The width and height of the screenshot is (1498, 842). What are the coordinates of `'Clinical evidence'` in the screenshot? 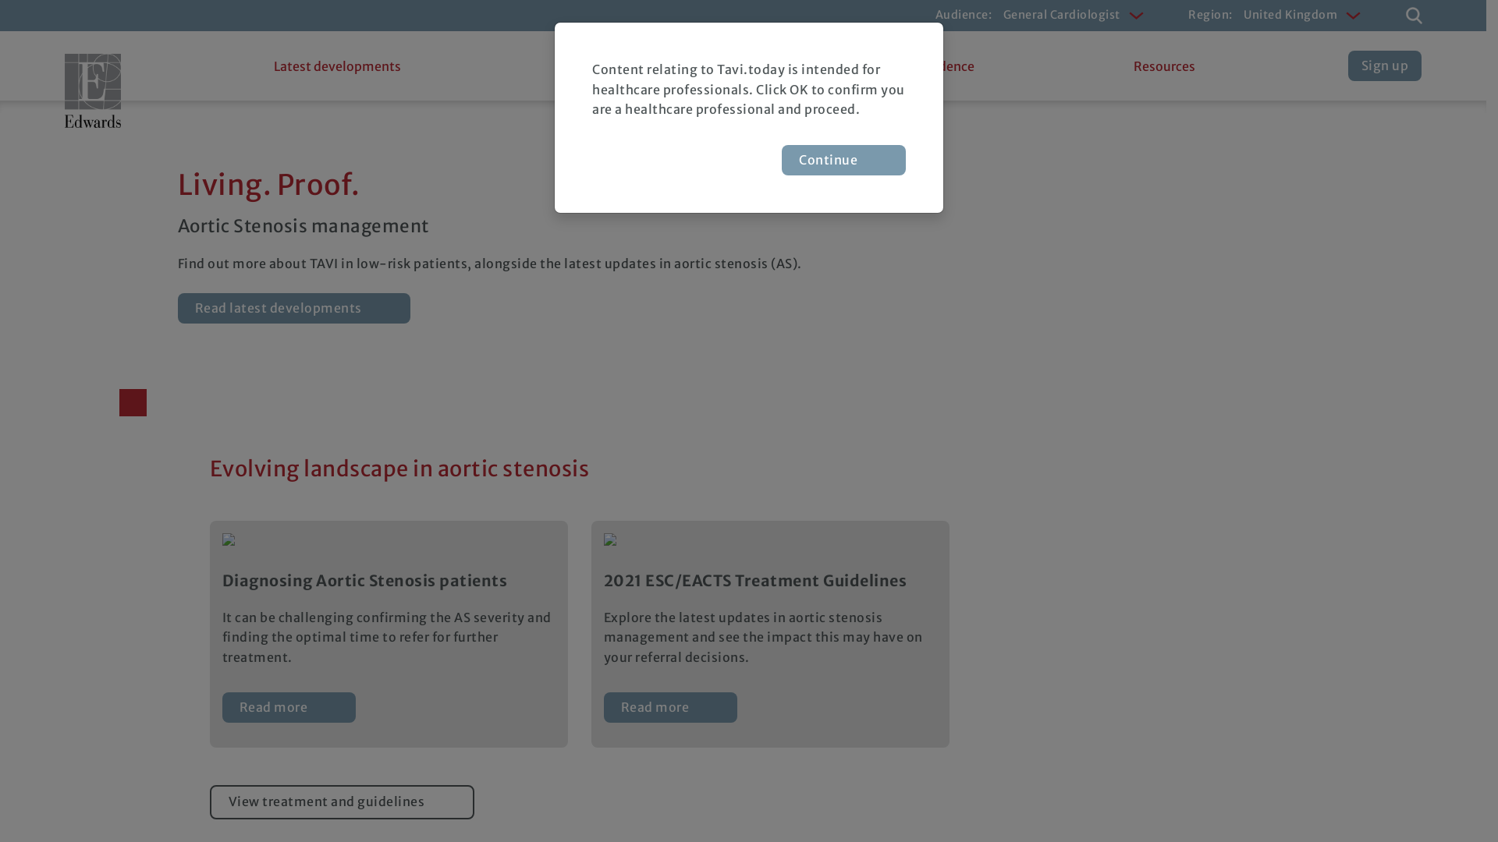 It's located at (924, 65).